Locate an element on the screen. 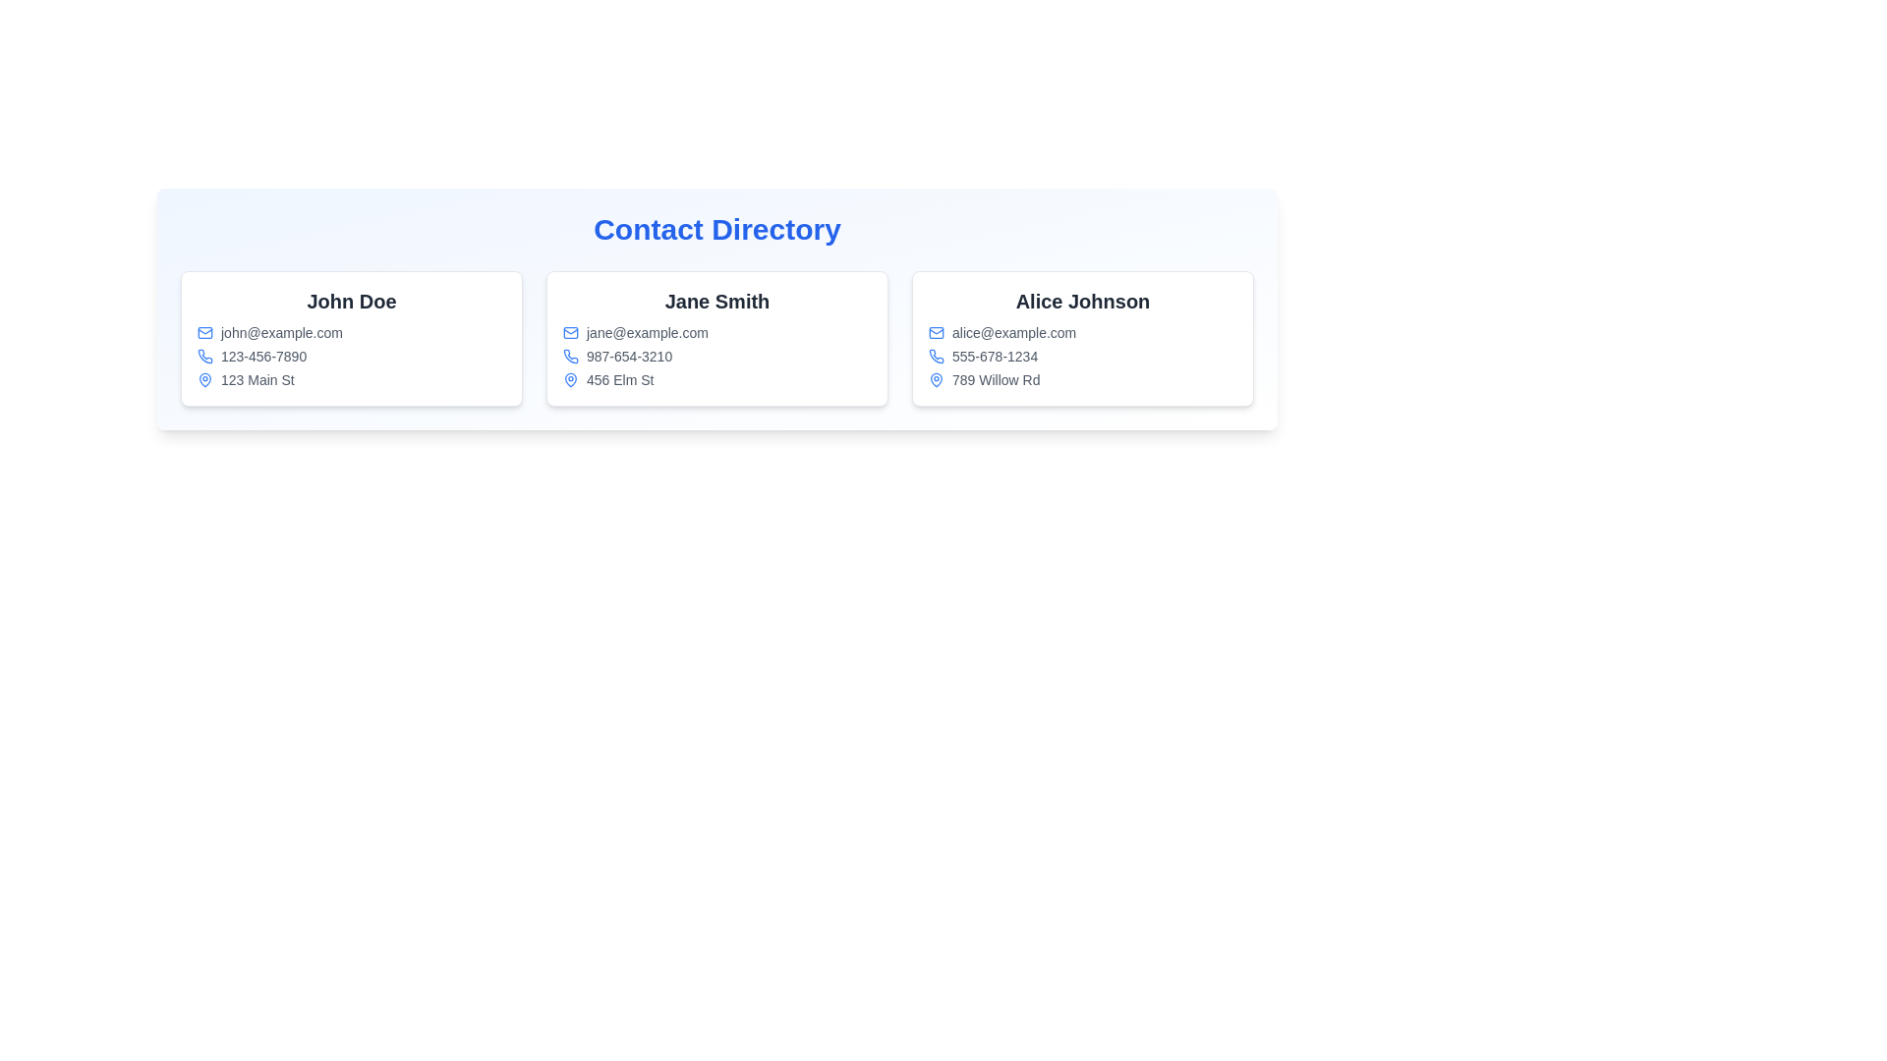  the informational card displaying contact information for 'Alice Johnson' located in the third column of the 'Contact Directory' section is located at coordinates (1082, 337).